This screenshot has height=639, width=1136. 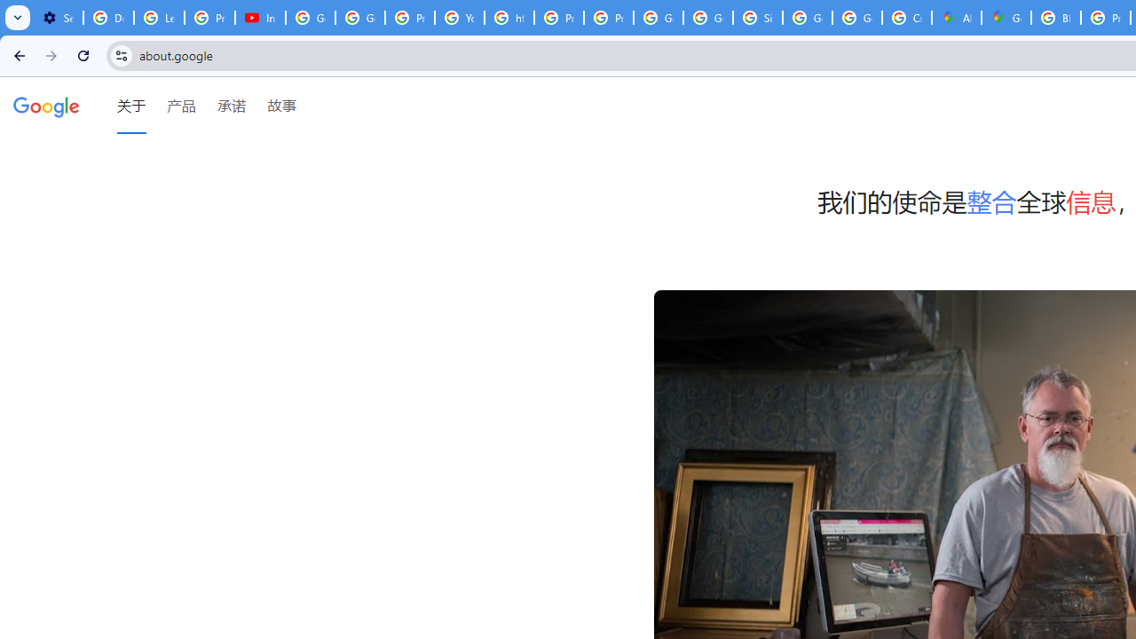 I want to click on 'YouTube', so click(x=460, y=18).